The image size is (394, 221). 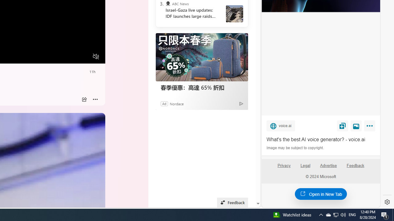 What do you see at coordinates (295, 148) in the screenshot?
I see `'Image may be subject to copyright.'` at bounding box center [295, 148].